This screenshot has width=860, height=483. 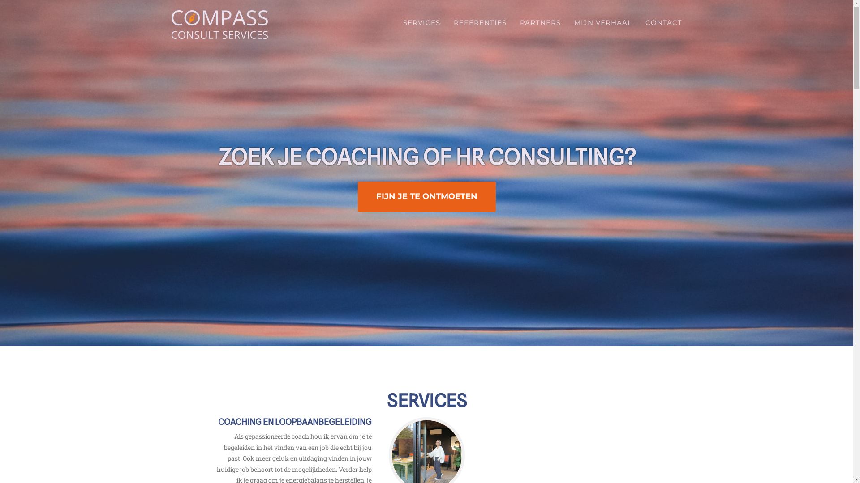 I want to click on 'PARTNERS', so click(x=540, y=22).